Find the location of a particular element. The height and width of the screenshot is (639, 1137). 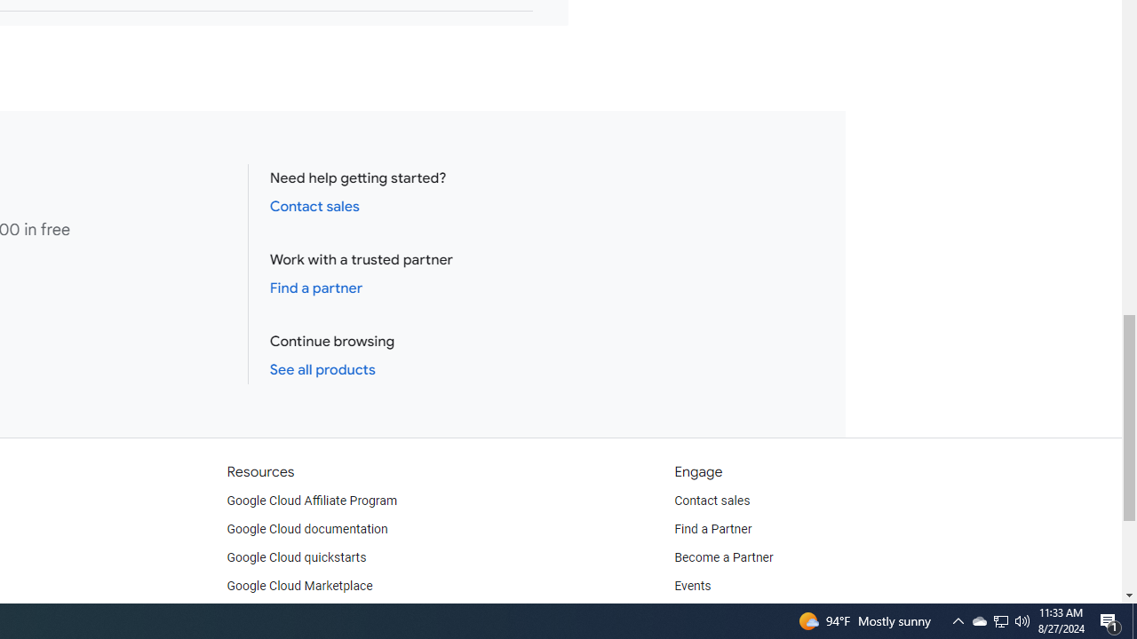

'Become a Partner' is located at coordinates (723, 556).